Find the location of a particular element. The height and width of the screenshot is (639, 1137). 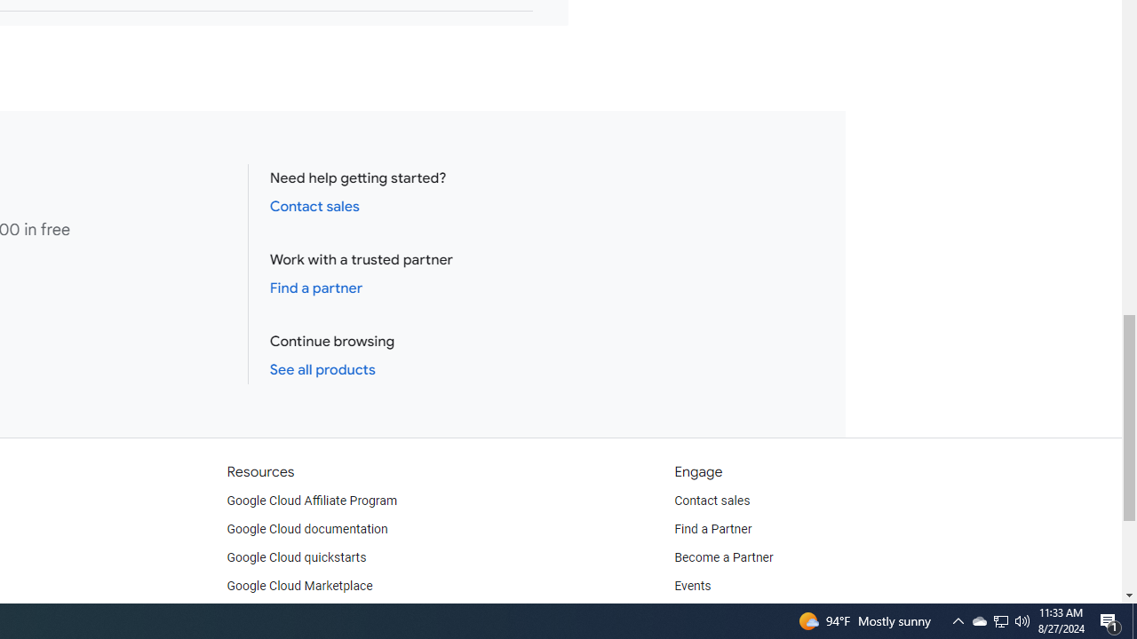

'Become a Partner' is located at coordinates (723, 556).